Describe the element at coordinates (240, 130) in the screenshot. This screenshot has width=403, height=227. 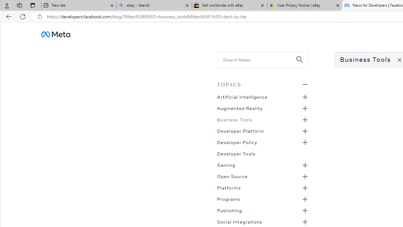
I see `'Developer Platform'` at that location.